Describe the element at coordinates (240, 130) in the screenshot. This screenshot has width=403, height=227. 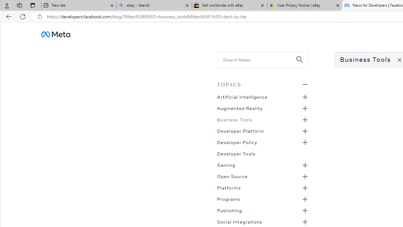
I see `'Developer Platform'` at that location.